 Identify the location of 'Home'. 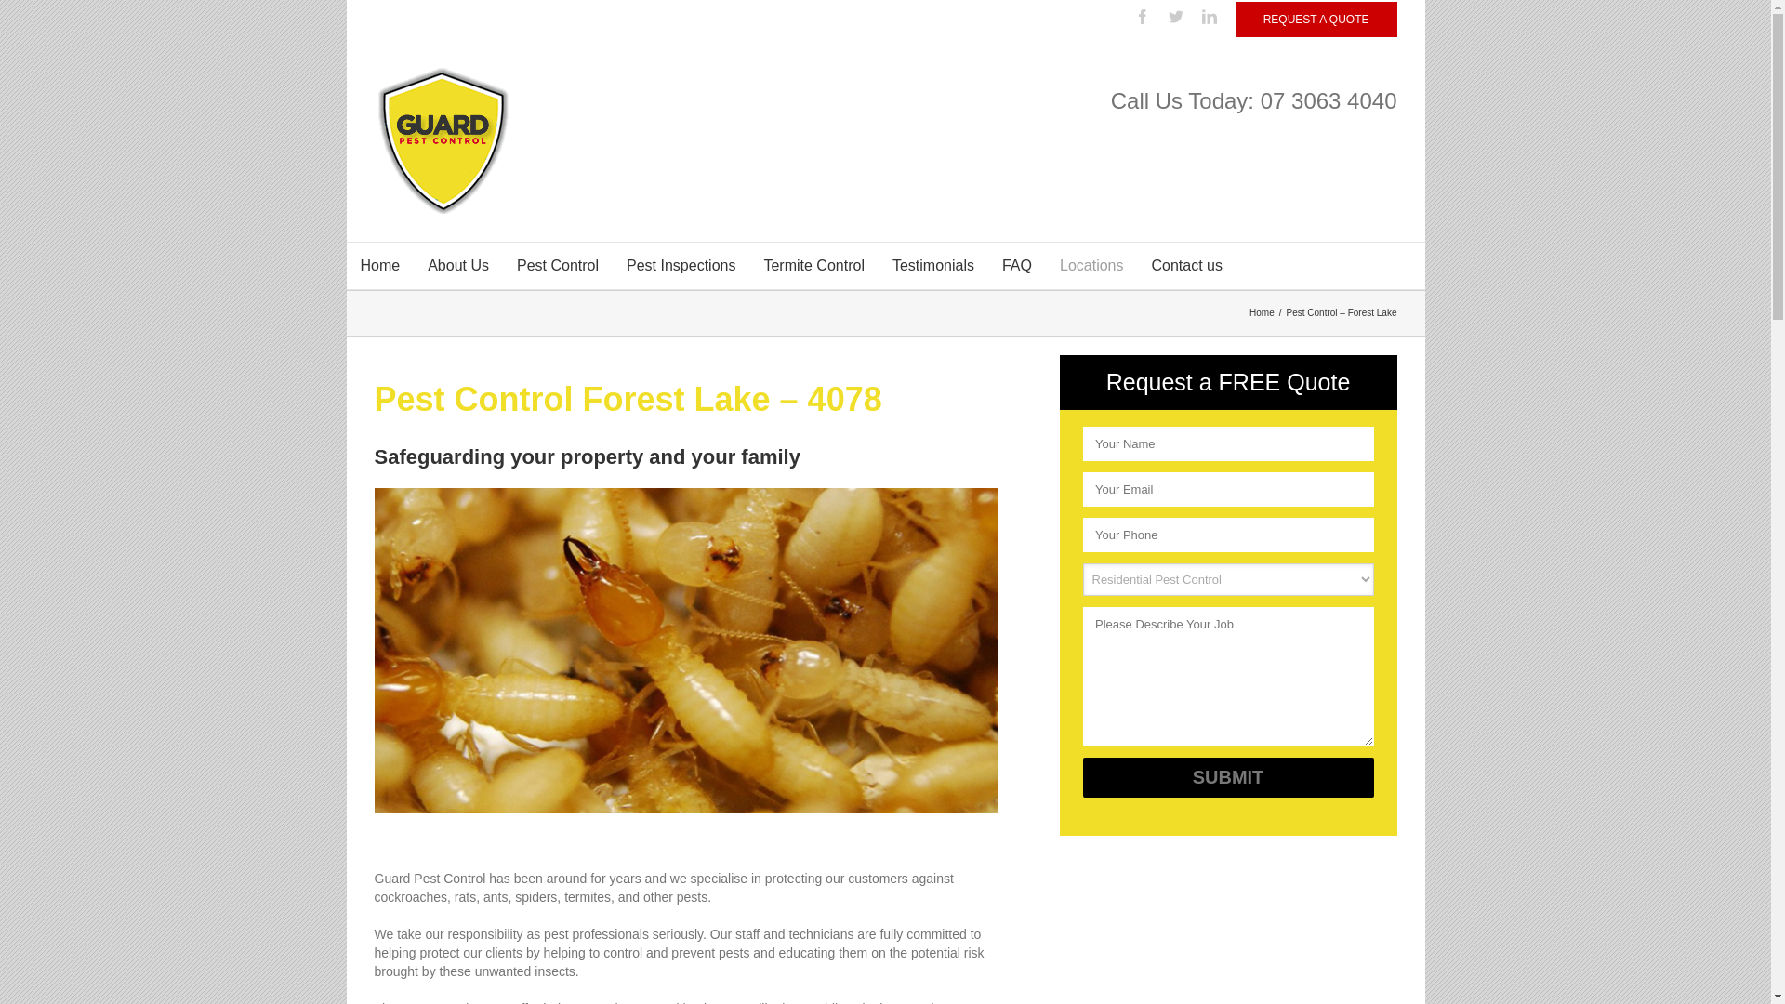
(378, 265).